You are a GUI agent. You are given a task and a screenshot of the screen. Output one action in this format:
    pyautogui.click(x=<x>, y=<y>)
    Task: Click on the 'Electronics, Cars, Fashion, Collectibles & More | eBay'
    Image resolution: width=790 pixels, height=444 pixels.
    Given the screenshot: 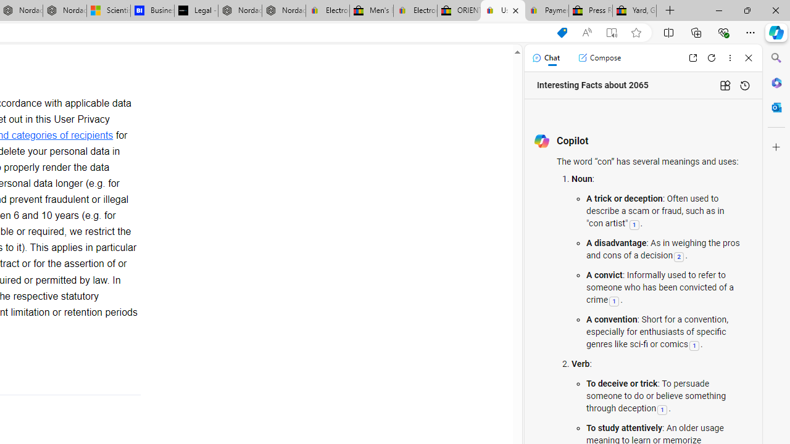 What is the action you would take?
    pyautogui.click(x=415, y=10)
    